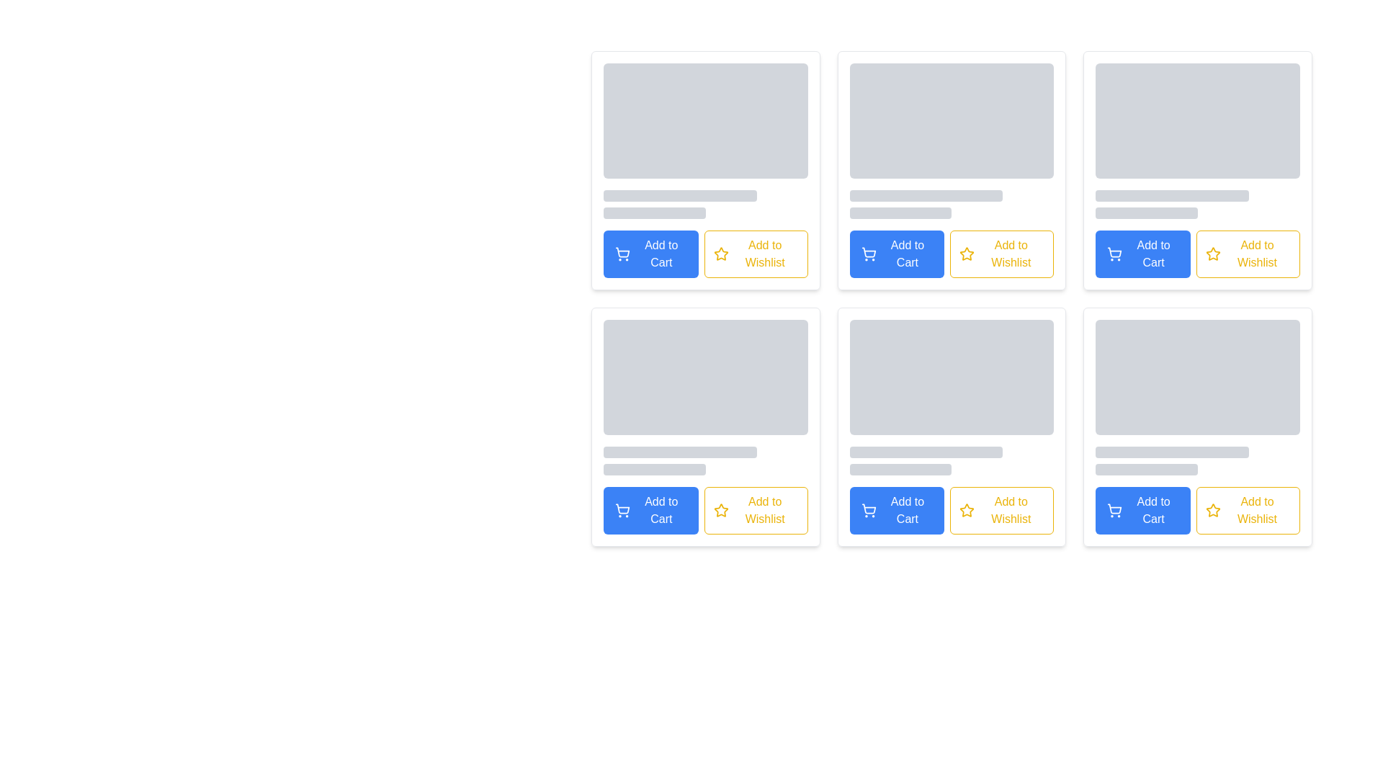  I want to click on the shopping cart icon located on the left side of the 'Add to Cart' button, which is part of the product action options grid, so click(868, 254).